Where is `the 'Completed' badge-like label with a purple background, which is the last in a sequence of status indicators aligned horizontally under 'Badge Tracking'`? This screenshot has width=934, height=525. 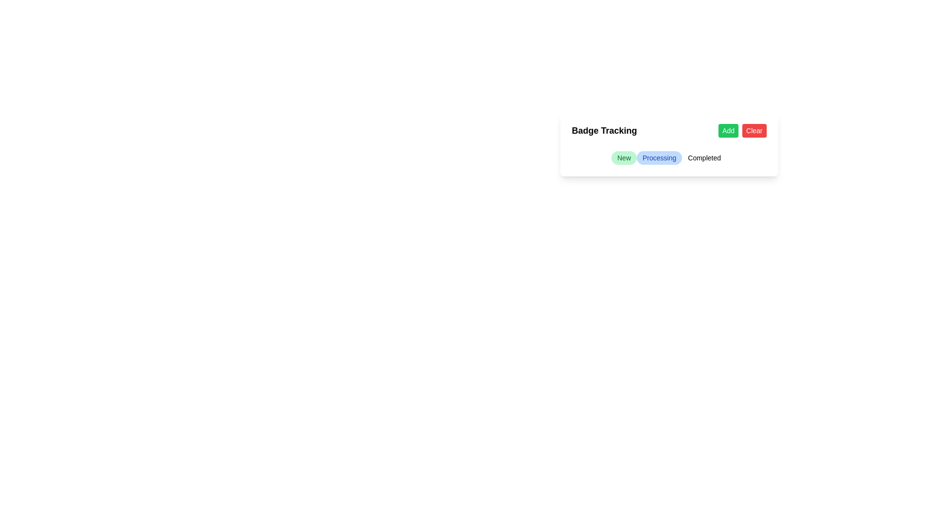
the 'Completed' badge-like label with a purple background, which is the last in a sequence of status indicators aligned horizontally under 'Badge Tracking' is located at coordinates (704, 157).